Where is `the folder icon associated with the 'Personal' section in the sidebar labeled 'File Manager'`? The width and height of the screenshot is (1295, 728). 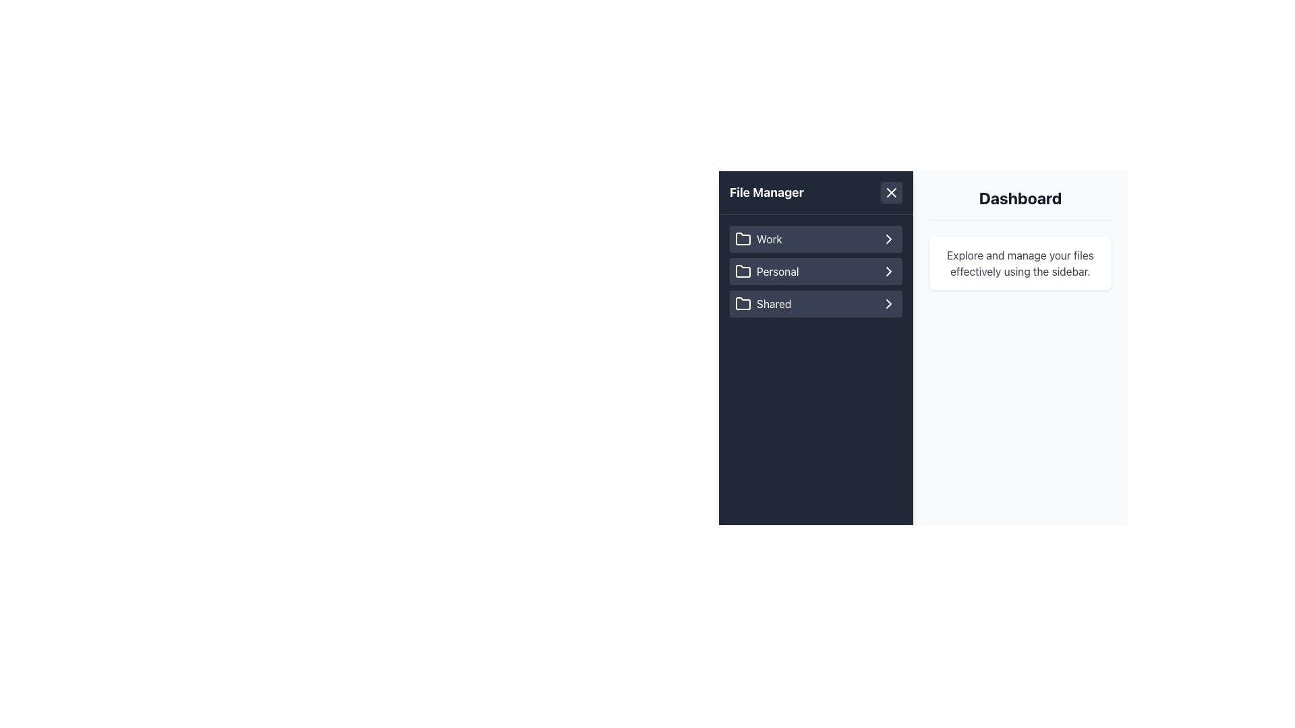
the folder icon associated with the 'Personal' section in the sidebar labeled 'File Manager' is located at coordinates (743, 271).